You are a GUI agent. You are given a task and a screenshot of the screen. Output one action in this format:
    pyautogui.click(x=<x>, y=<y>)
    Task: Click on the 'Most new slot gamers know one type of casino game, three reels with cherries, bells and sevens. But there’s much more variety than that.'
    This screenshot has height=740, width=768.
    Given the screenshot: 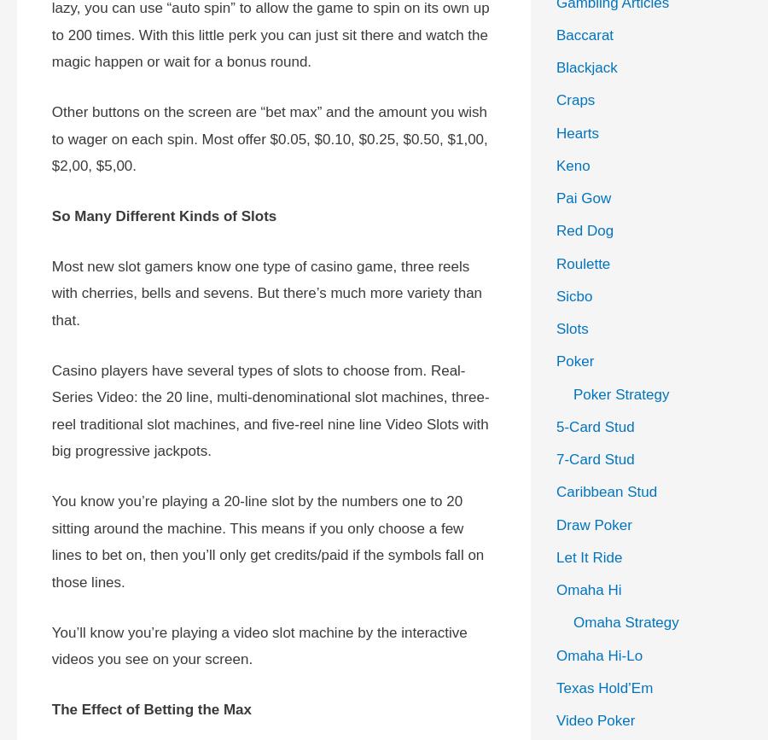 What is the action you would take?
    pyautogui.click(x=265, y=292)
    